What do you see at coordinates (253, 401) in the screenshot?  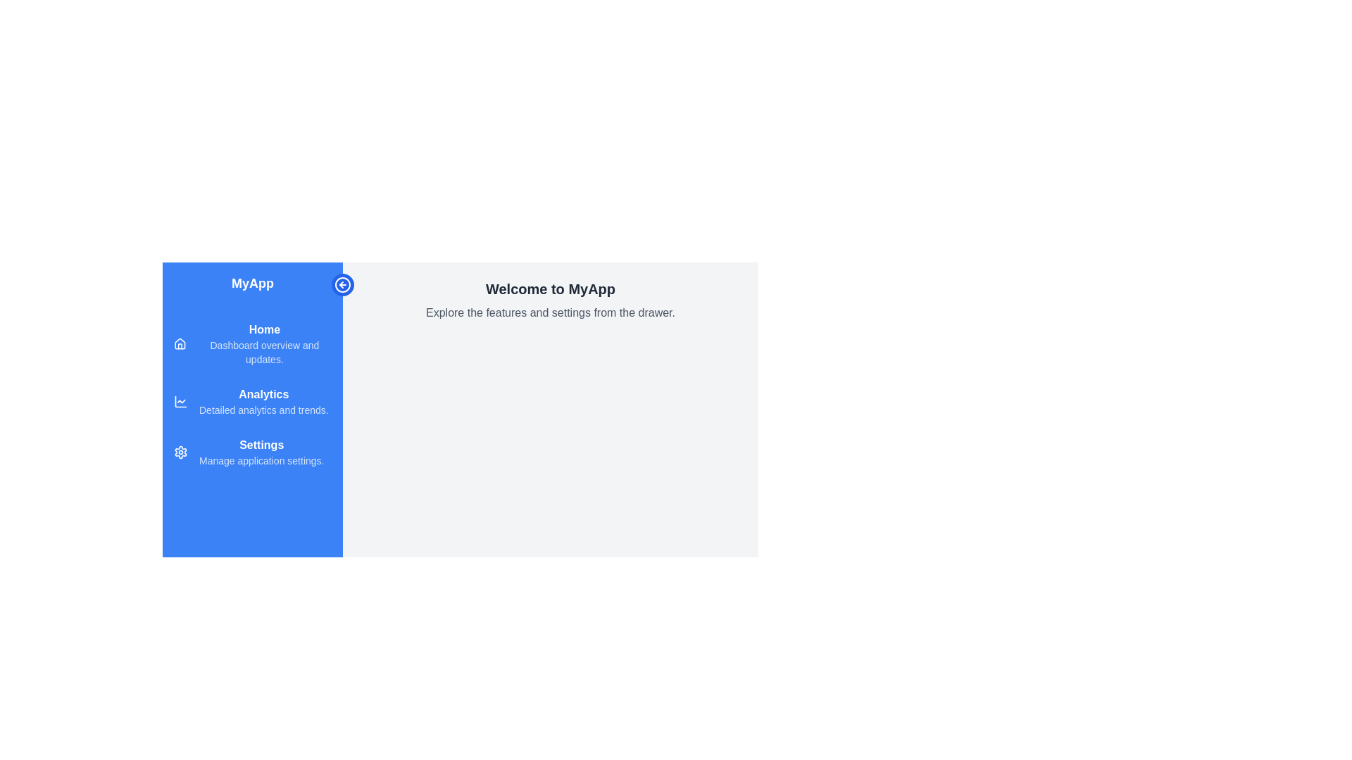 I see `the menu item Analytics to view its hover effect` at bounding box center [253, 401].